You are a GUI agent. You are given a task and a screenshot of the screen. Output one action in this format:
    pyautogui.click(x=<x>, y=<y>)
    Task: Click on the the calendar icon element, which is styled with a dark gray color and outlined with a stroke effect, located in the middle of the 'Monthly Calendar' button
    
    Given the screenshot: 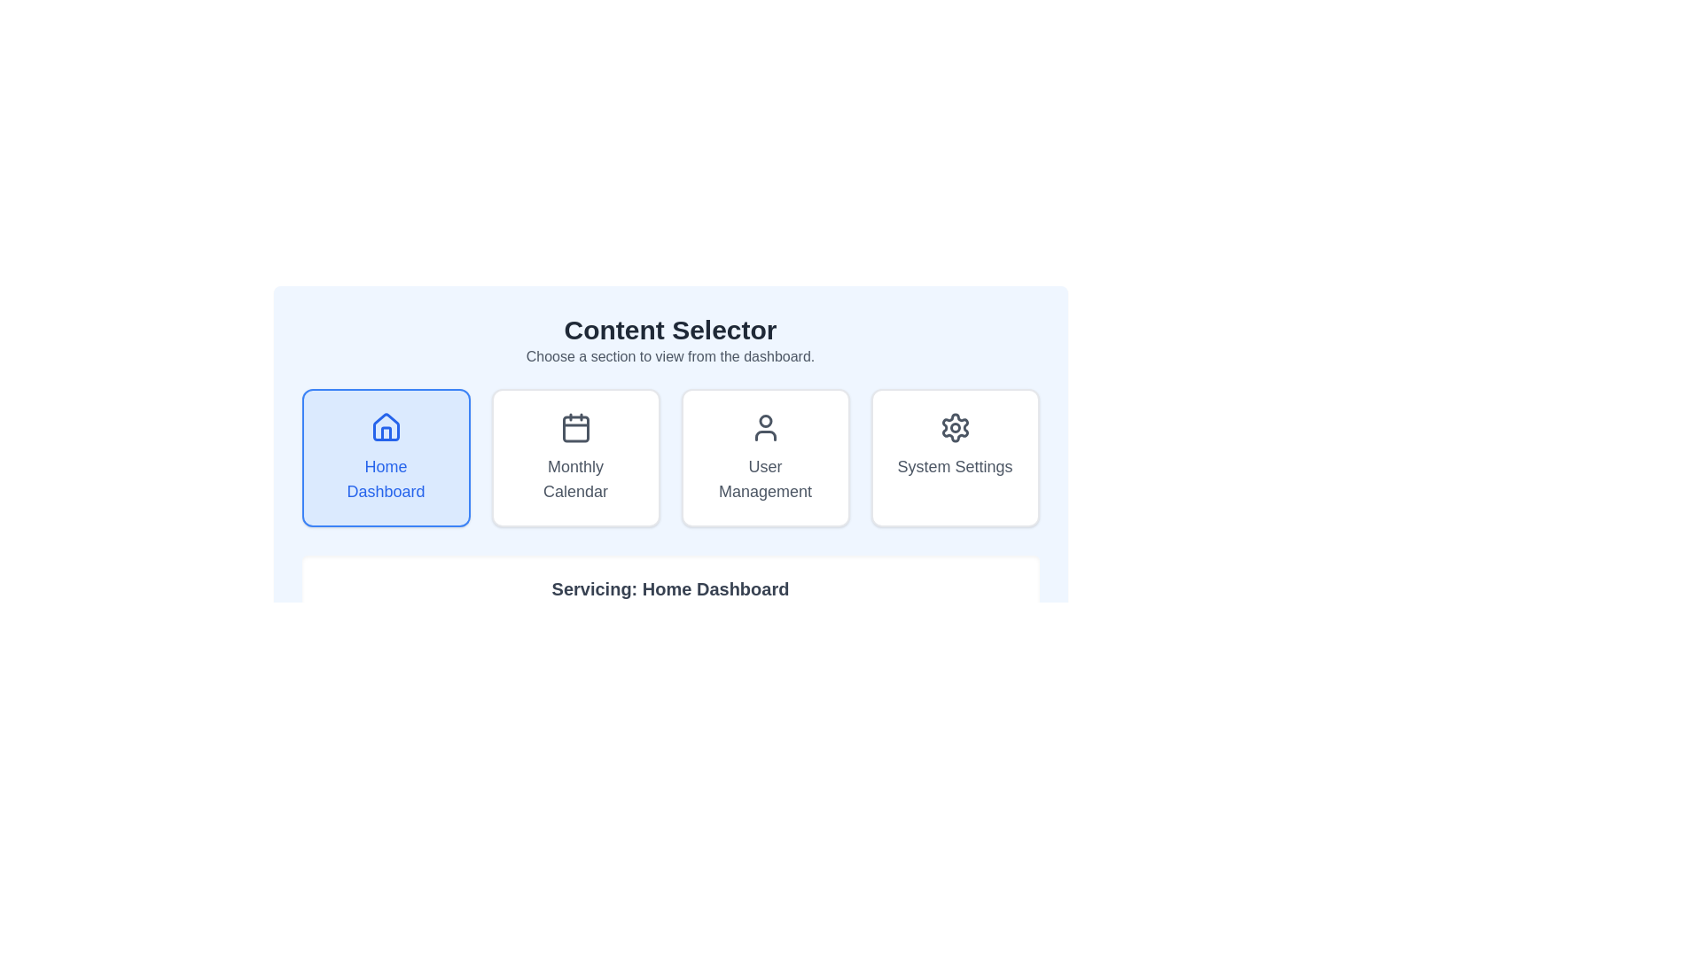 What is the action you would take?
    pyautogui.click(x=575, y=427)
    